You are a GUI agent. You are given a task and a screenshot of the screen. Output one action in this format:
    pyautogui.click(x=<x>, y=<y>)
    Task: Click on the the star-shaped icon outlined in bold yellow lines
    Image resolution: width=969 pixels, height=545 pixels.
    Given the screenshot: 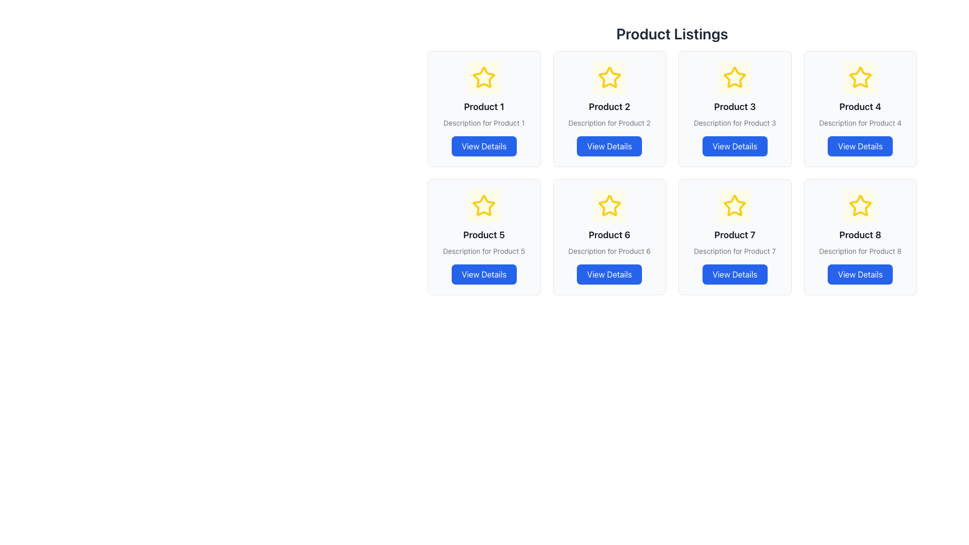 What is the action you would take?
    pyautogui.click(x=859, y=205)
    